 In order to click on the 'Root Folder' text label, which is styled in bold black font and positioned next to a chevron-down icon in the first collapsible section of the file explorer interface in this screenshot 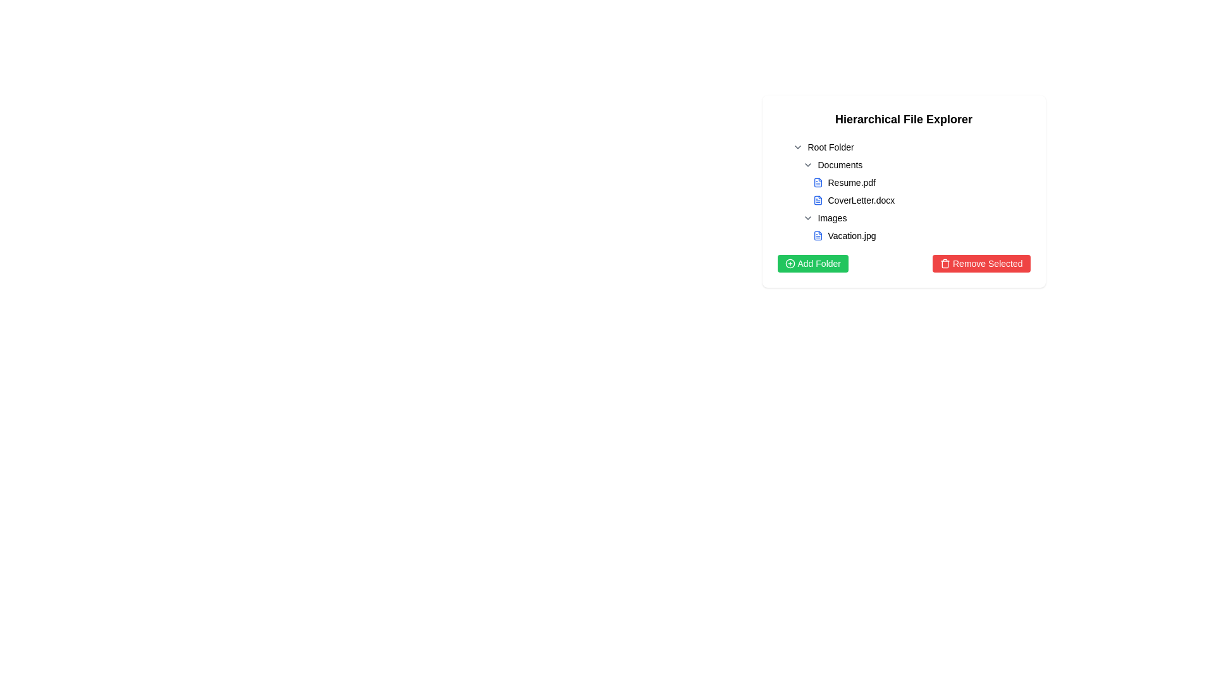, I will do `click(831, 146)`.